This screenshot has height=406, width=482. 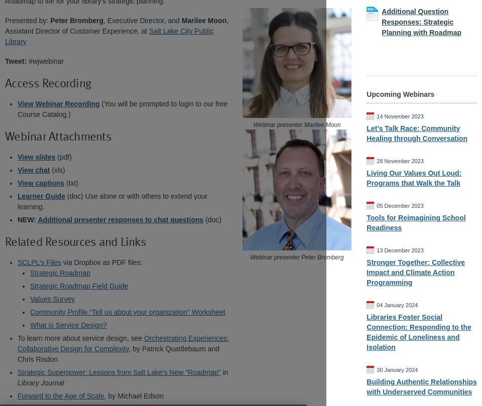 What do you see at coordinates (120, 219) in the screenshot?
I see `'Additional presenter responses to chat questions'` at bounding box center [120, 219].